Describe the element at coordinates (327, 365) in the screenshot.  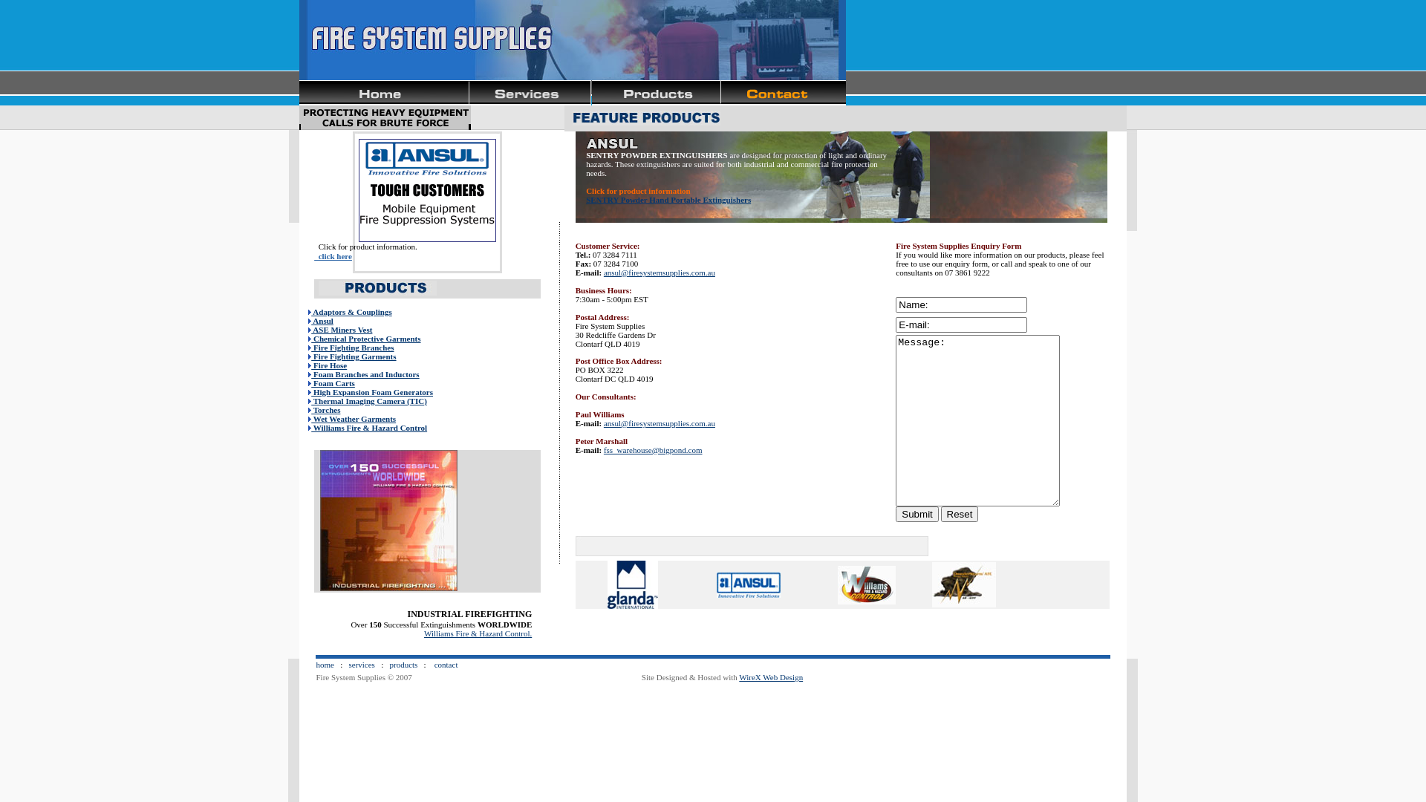
I see `' Fire Hose'` at that location.